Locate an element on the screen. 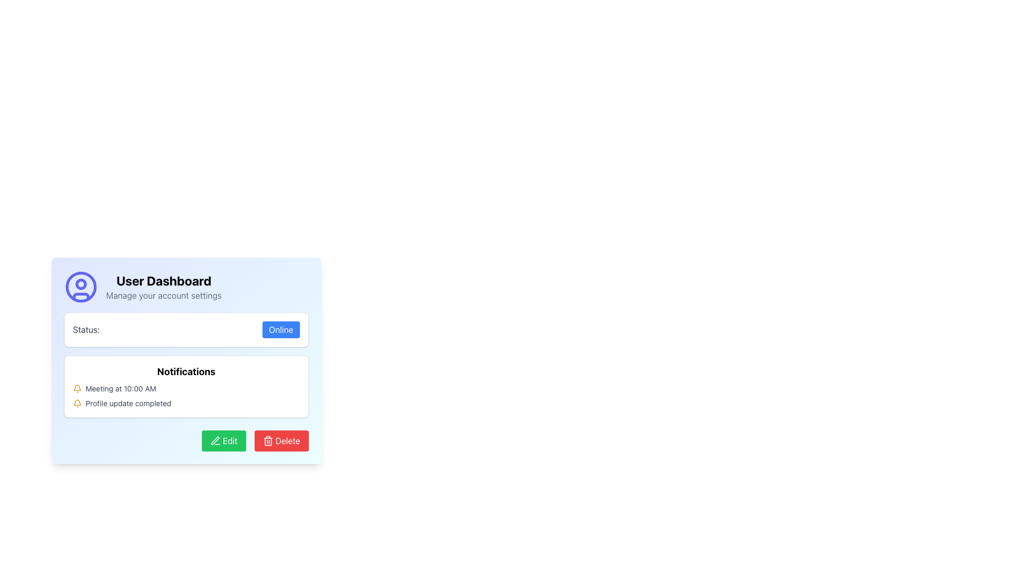 The height and width of the screenshot is (569, 1012). the main heading text label that indicates the purpose of the section, which is positioned at the top-left quadrant of a card-like structure is located at coordinates (163, 280).